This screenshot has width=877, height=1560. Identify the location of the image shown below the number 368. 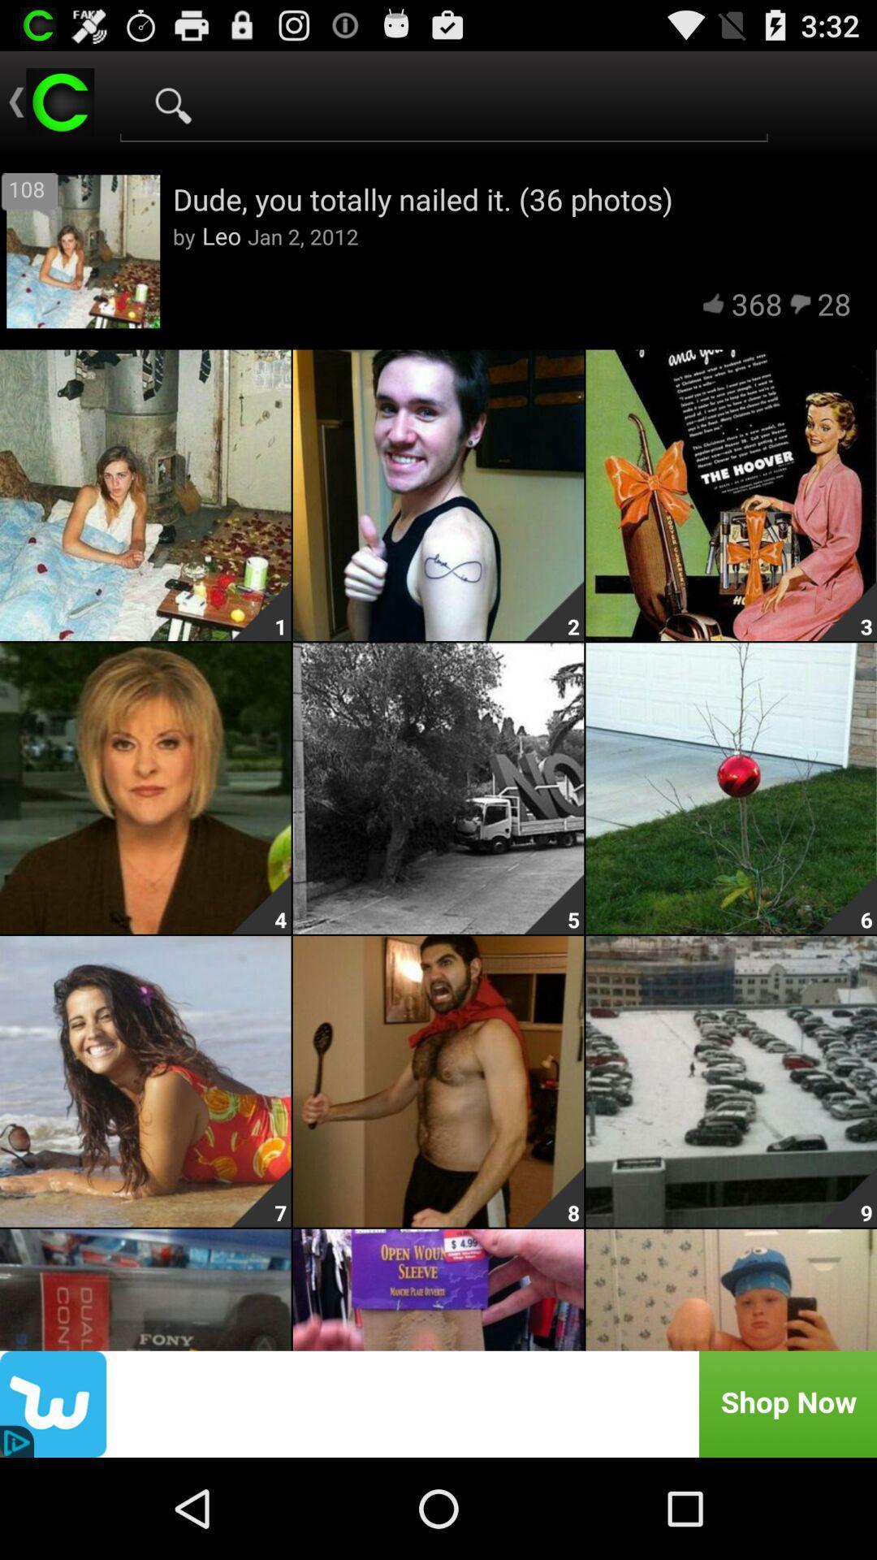
(732, 494).